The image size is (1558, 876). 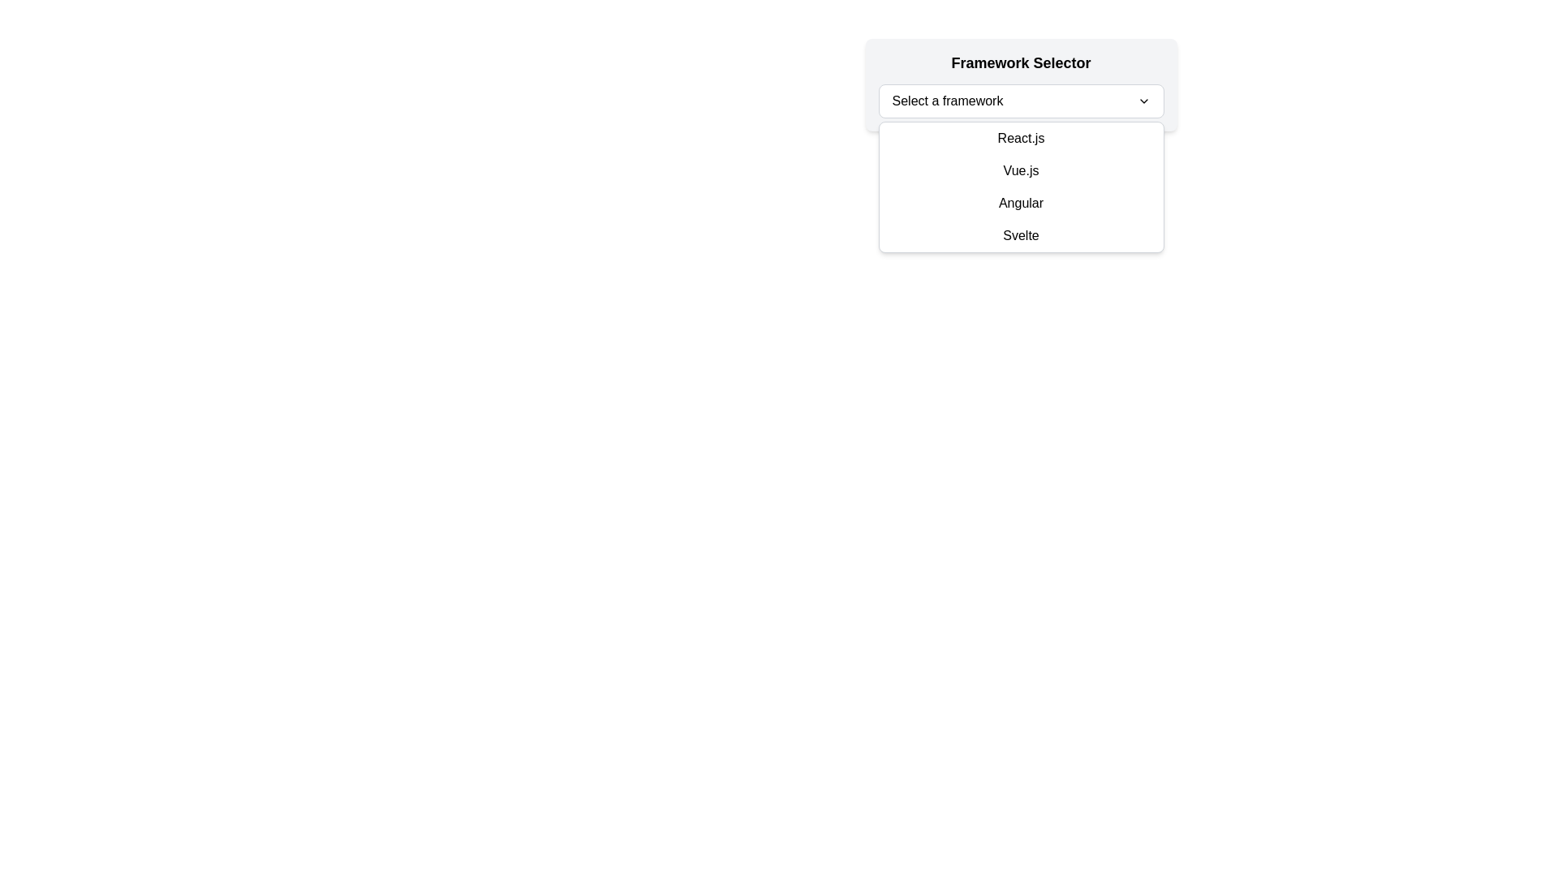 I want to click on the 'Framework Selector' text label, which is prominently styled in bold black text, located above the dropdown menu, so click(x=1020, y=62).